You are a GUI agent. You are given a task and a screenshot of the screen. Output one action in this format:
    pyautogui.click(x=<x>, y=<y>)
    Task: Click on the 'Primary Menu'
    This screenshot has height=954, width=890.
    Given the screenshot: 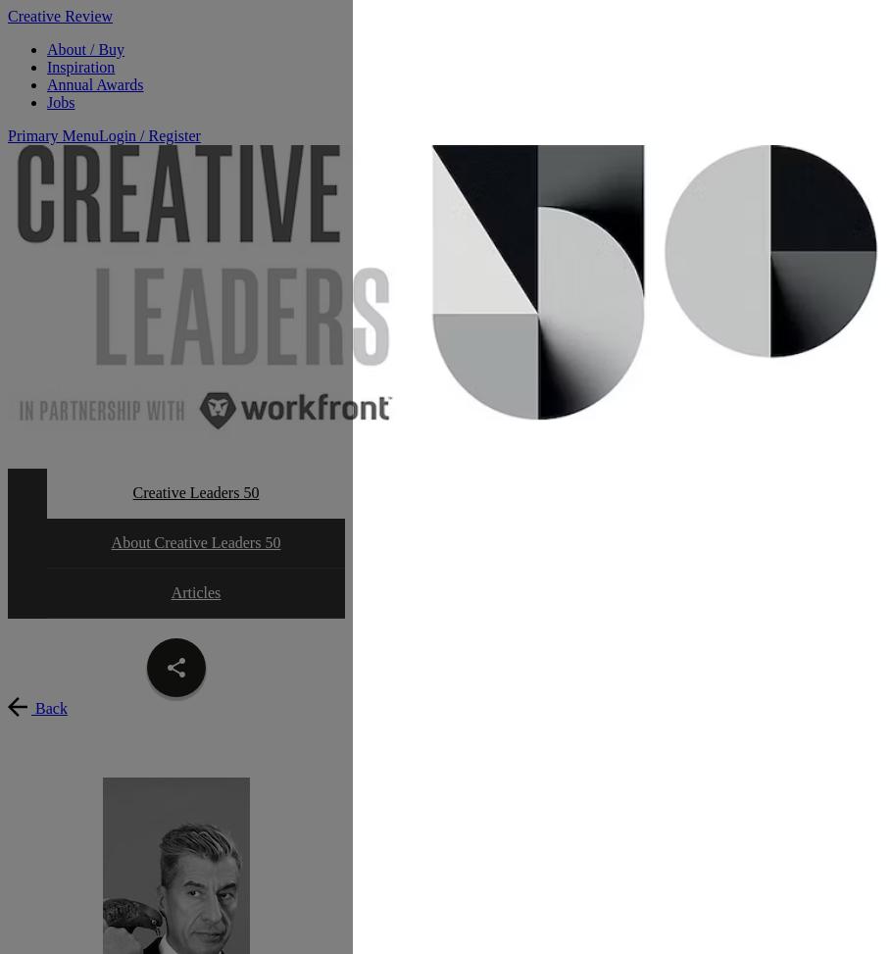 What is the action you would take?
    pyautogui.click(x=6, y=134)
    